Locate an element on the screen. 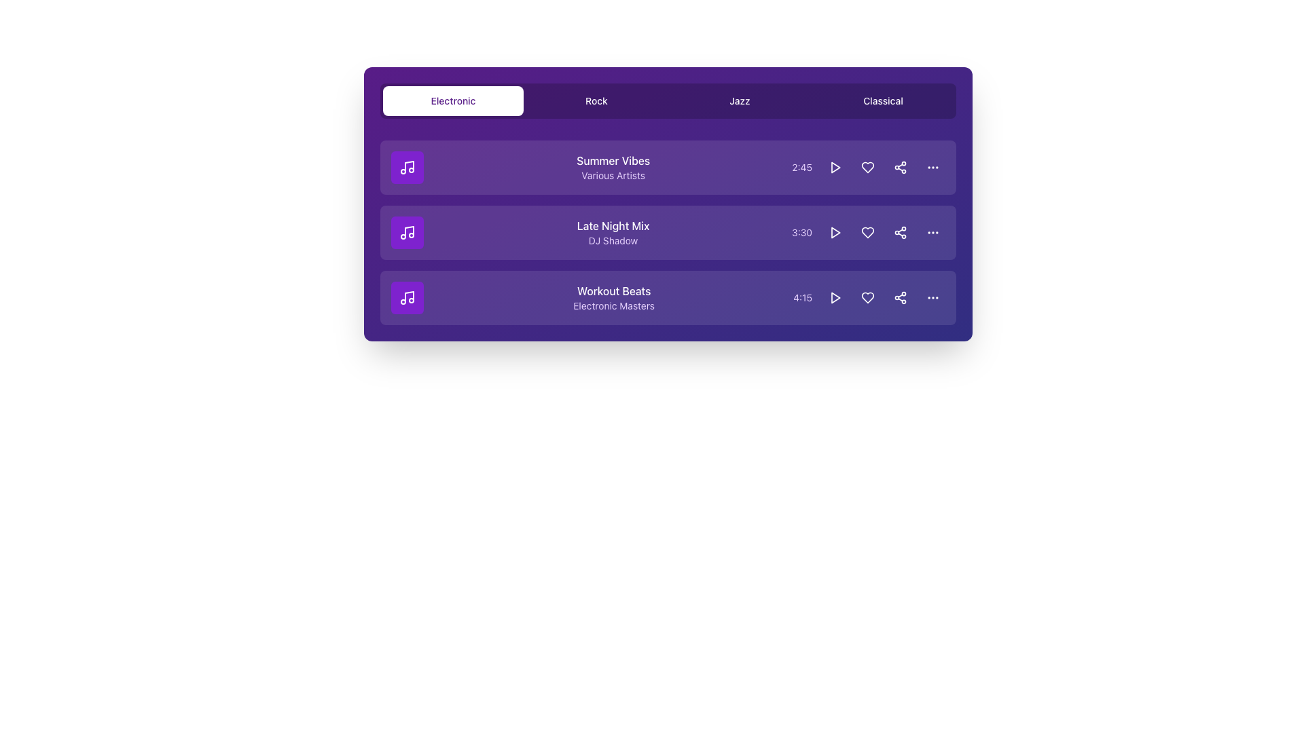 This screenshot has height=733, width=1304. the leftmost button labeled 'Electronic' in the row of category buttons is located at coordinates (453, 100).